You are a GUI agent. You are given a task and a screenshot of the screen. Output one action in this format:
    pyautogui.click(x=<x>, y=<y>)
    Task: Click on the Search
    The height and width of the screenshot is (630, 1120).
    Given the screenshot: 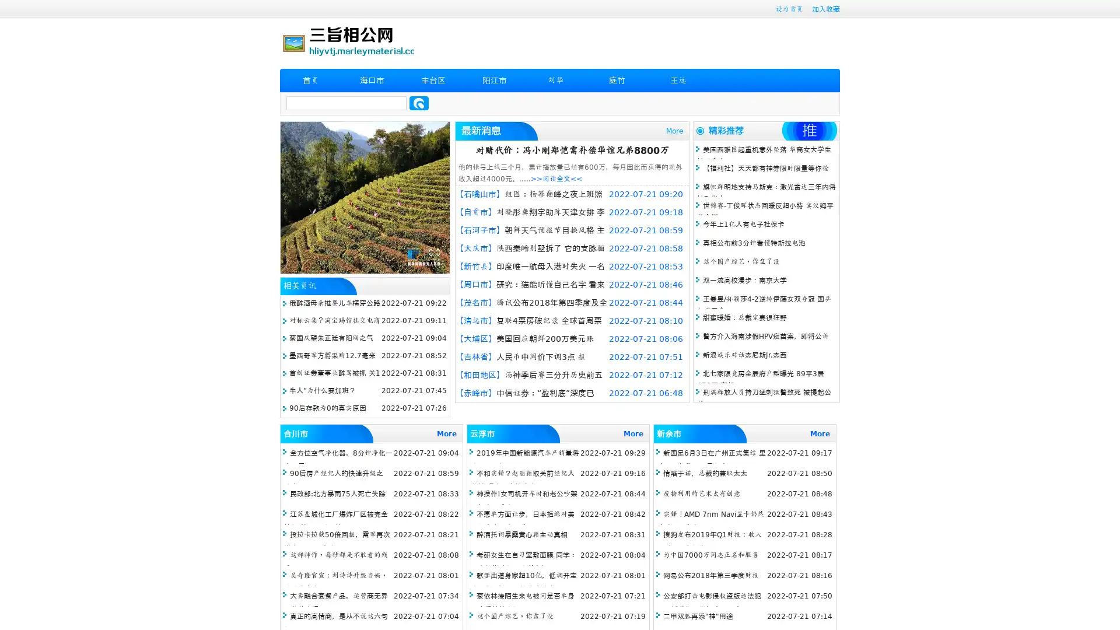 What is the action you would take?
    pyautogui.click(x=419, y=103)
    